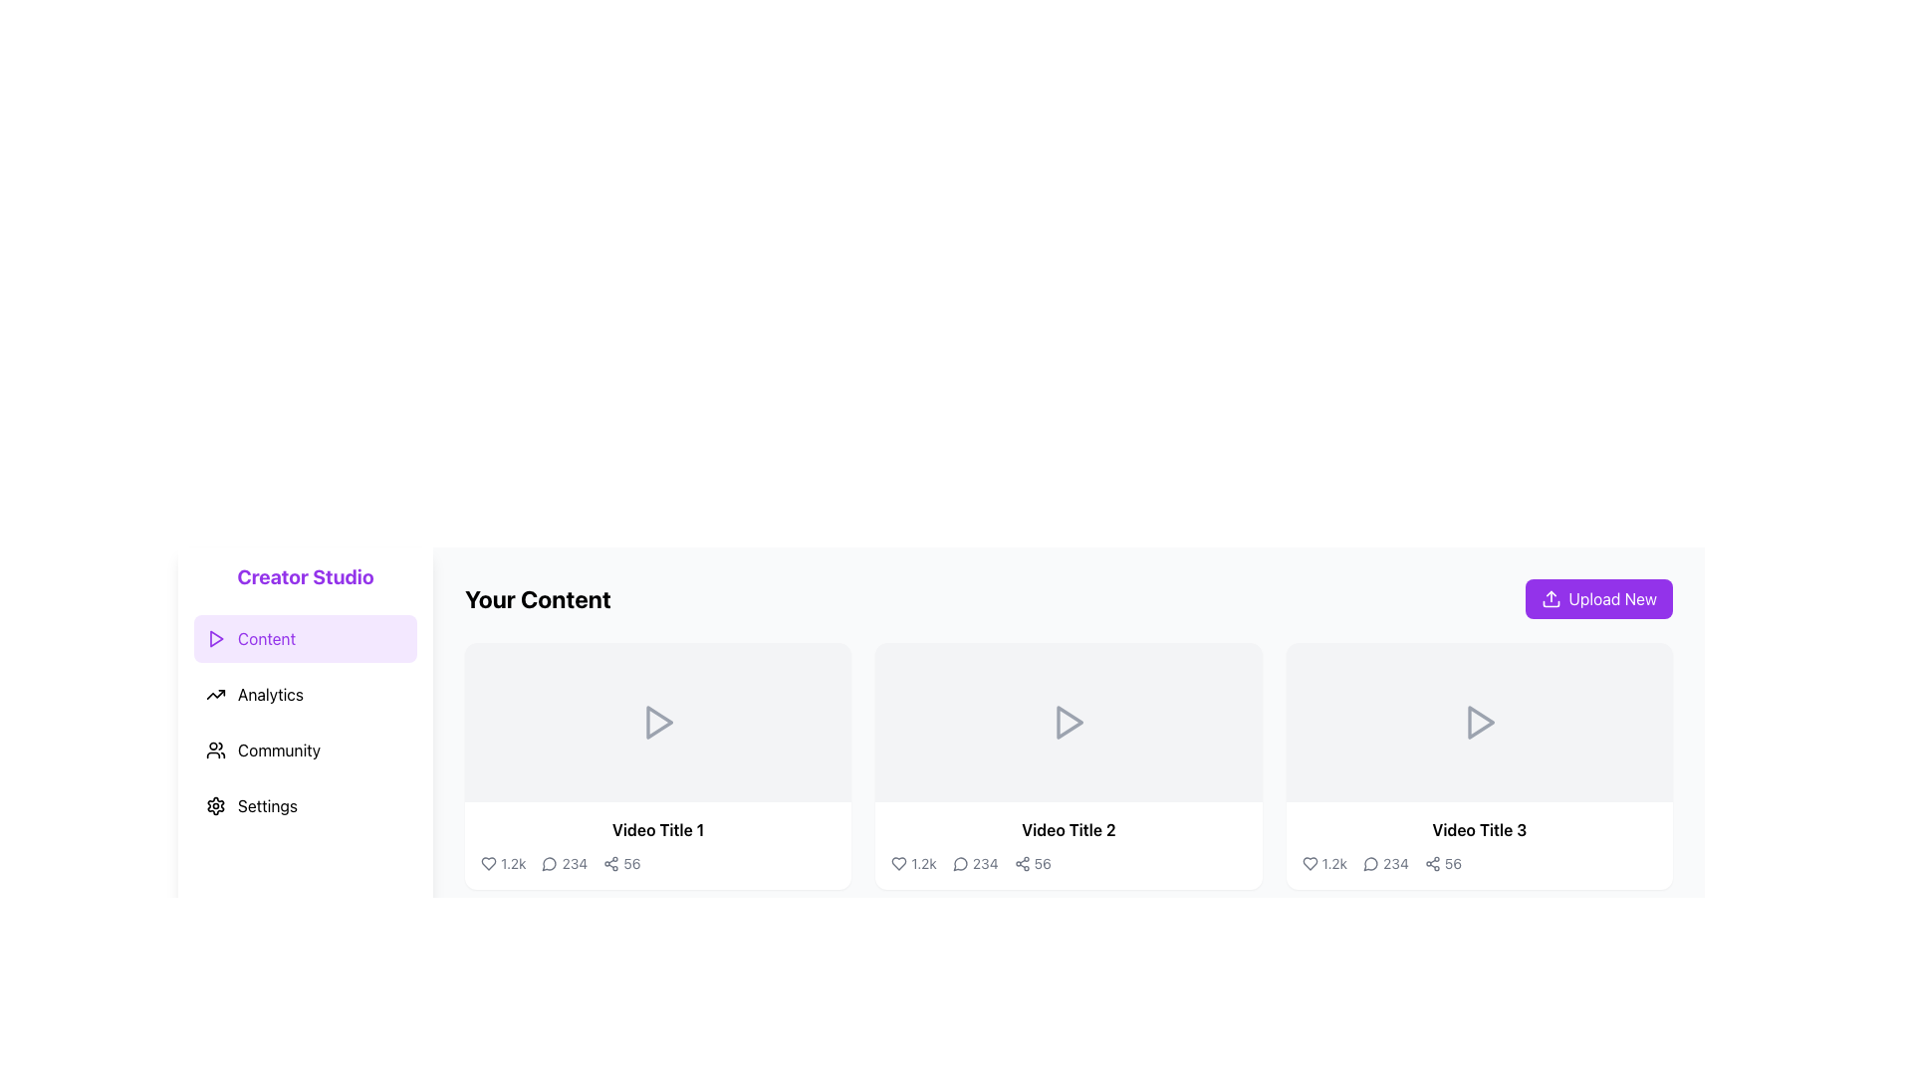 The image size is (1912, 1075). I want to click on the 'Upload New' button, which is a rectangular button with a purple background and white text, located at the top-right corner of the content area, so click(1598, 597).